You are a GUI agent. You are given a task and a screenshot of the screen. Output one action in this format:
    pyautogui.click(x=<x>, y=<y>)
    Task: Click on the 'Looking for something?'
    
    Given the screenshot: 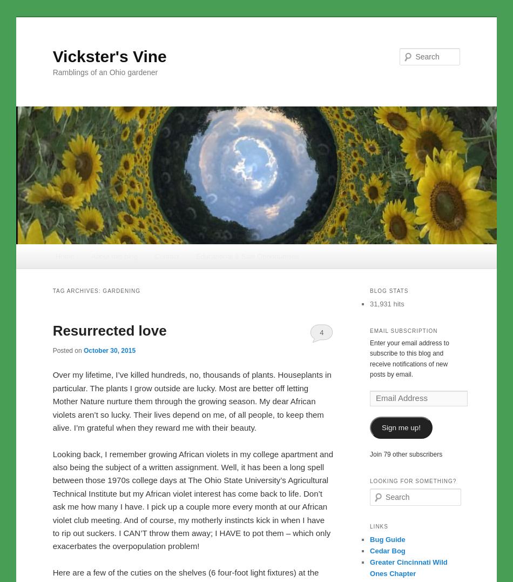 What is the action you would take?
    pyautogui.click(x=413, y=480)
    